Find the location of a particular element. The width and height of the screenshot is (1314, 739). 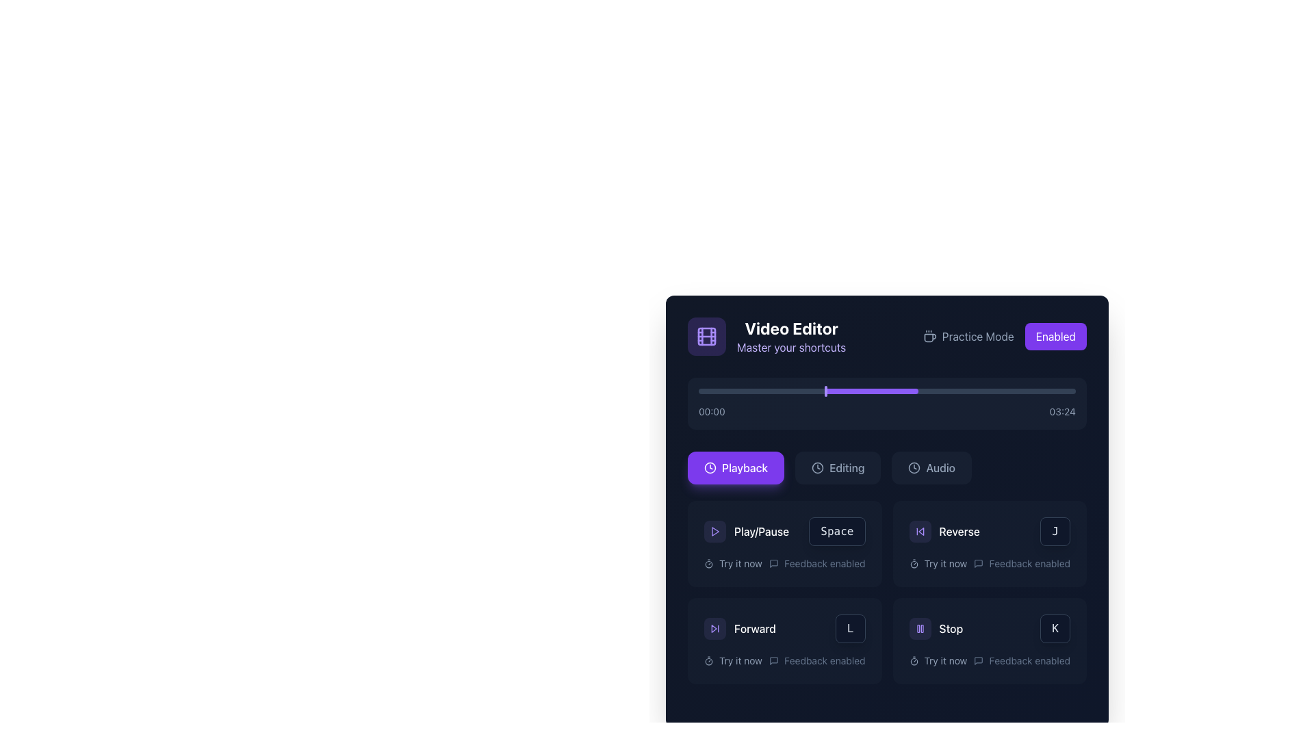

the 'Stop' button with a violet circular background and a pause icon located in the lower right panel of the interface is located at coordinates (935, 628).